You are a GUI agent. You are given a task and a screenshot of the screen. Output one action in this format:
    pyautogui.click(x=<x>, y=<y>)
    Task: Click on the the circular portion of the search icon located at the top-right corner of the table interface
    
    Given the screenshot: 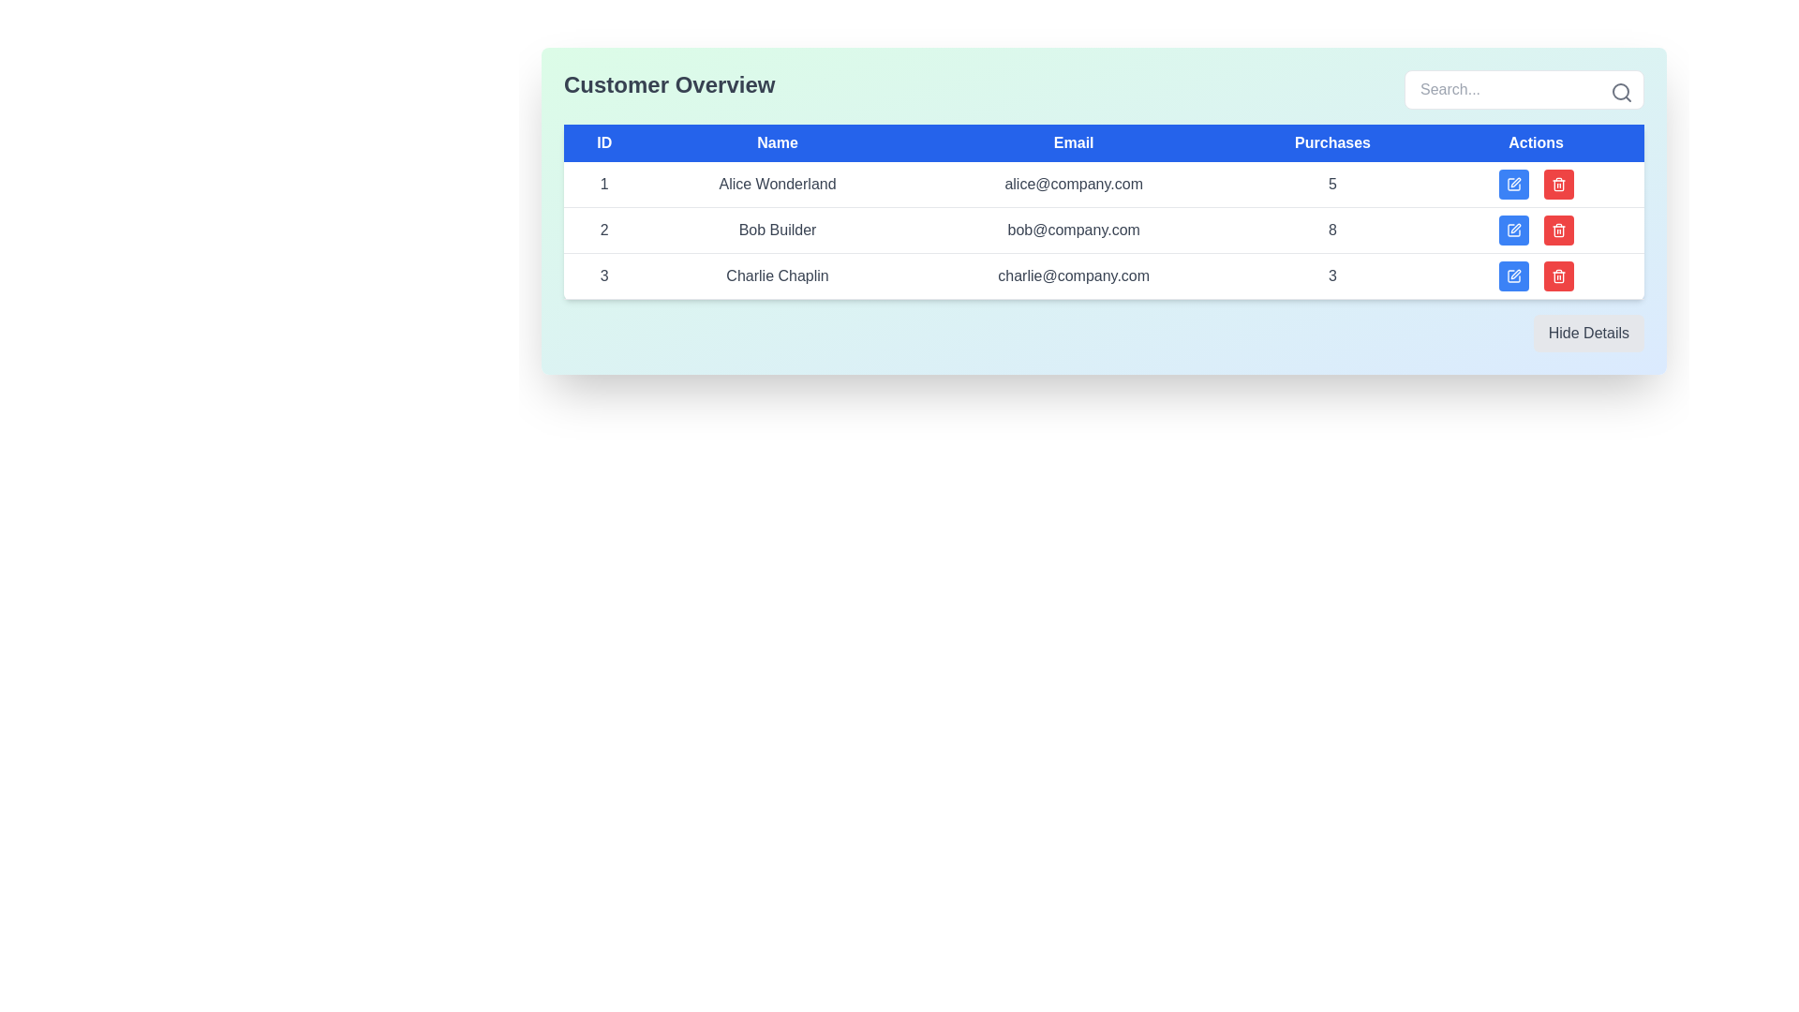 What is the action you would take?
    pyautogui.click(x=1619, y=91)
    